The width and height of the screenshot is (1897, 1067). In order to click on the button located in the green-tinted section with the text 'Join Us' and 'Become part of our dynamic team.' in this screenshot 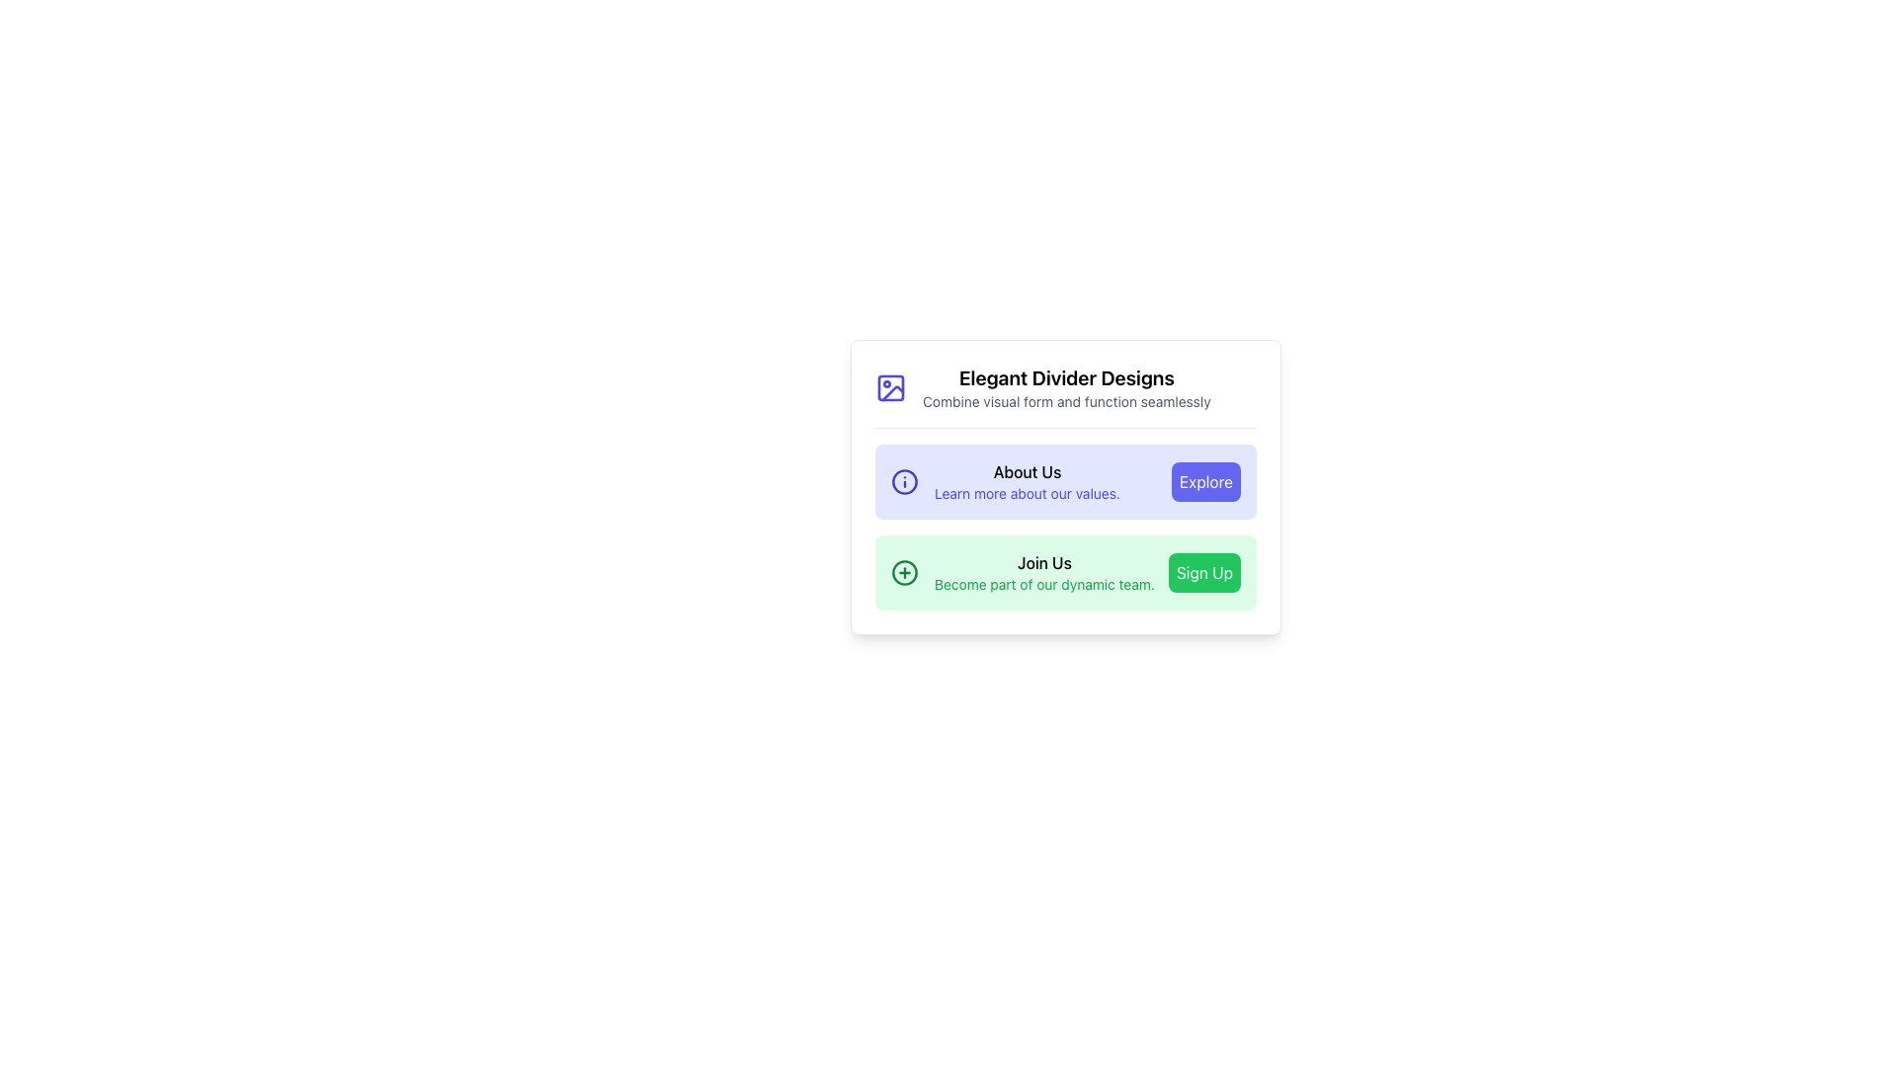, I will do `click(1203, 572)`.